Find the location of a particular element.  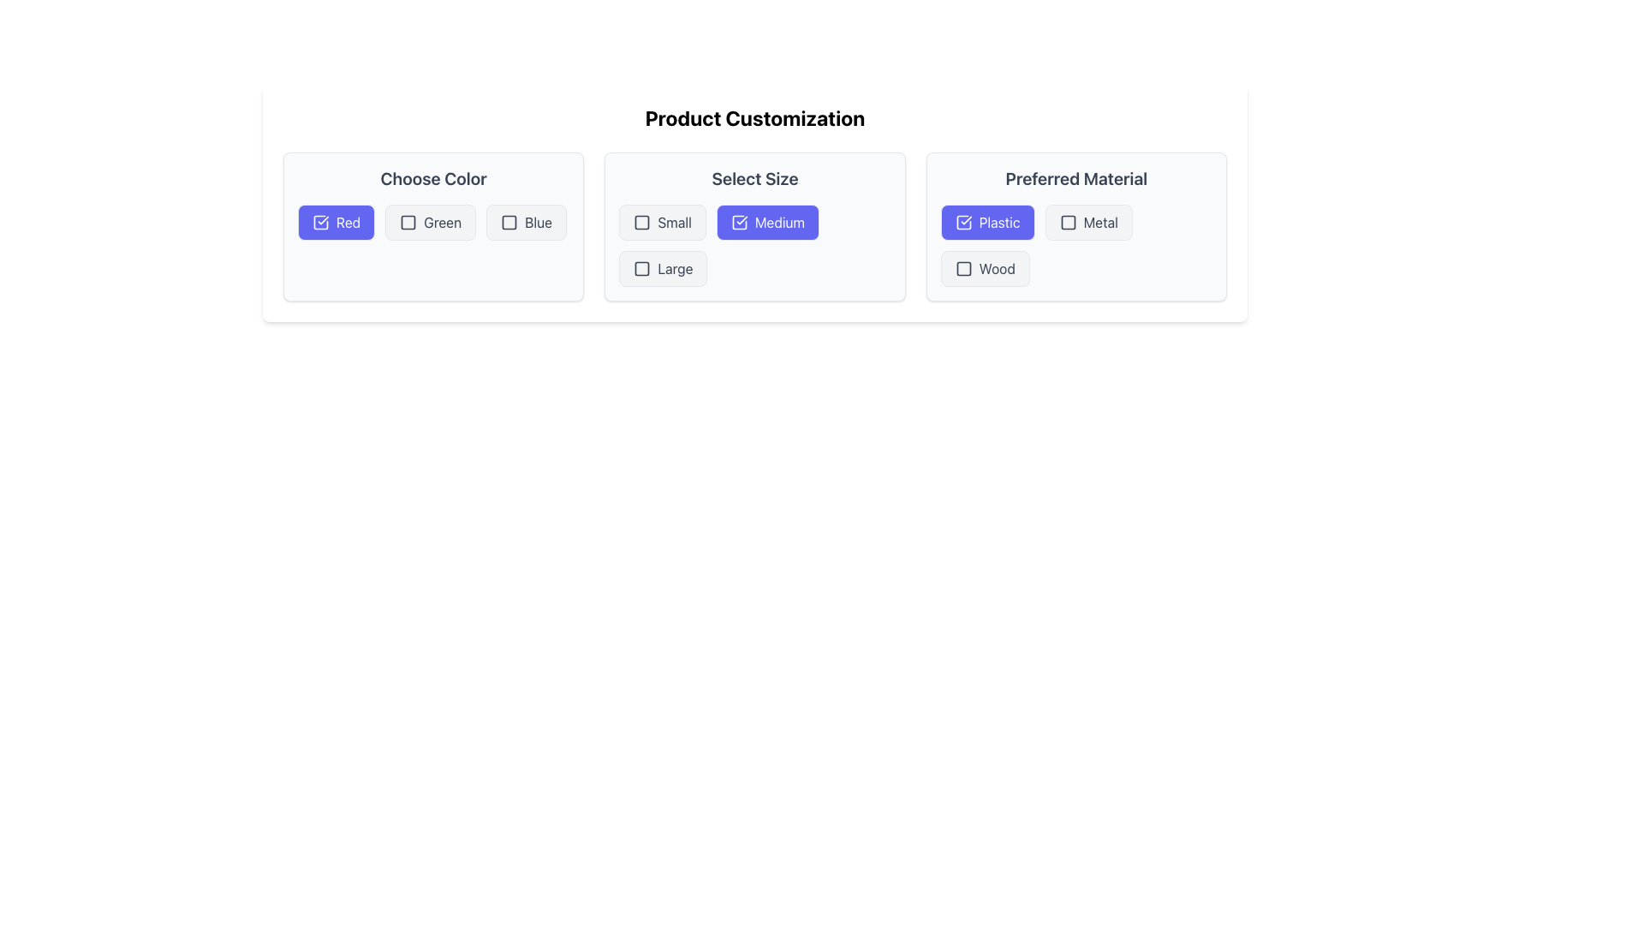

the graphical checkmark in the SVG-based checkbox located beside the label 'Plastic' in the 'Preferred Material' section to interact with it is located at coordinates (963, 221).